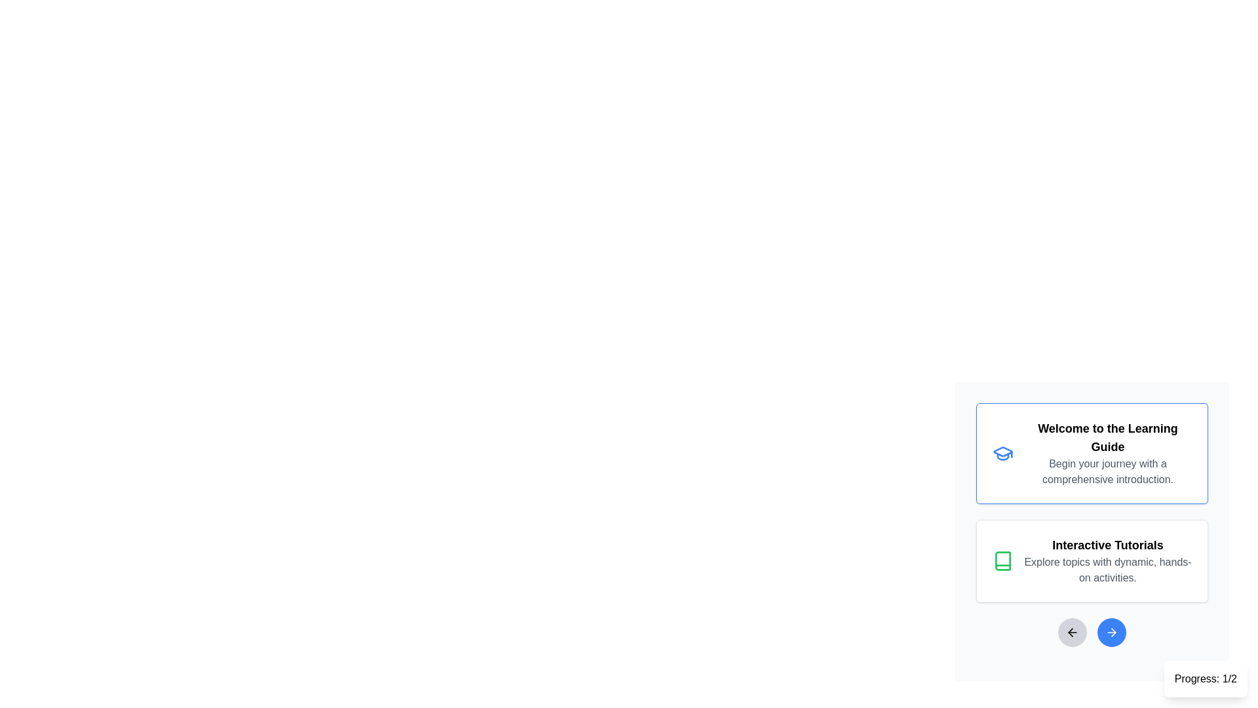  I want to click on the book icon with a green outline located to the left of the text in the 'Interactive Tutorials' card, so click(1002, 560).